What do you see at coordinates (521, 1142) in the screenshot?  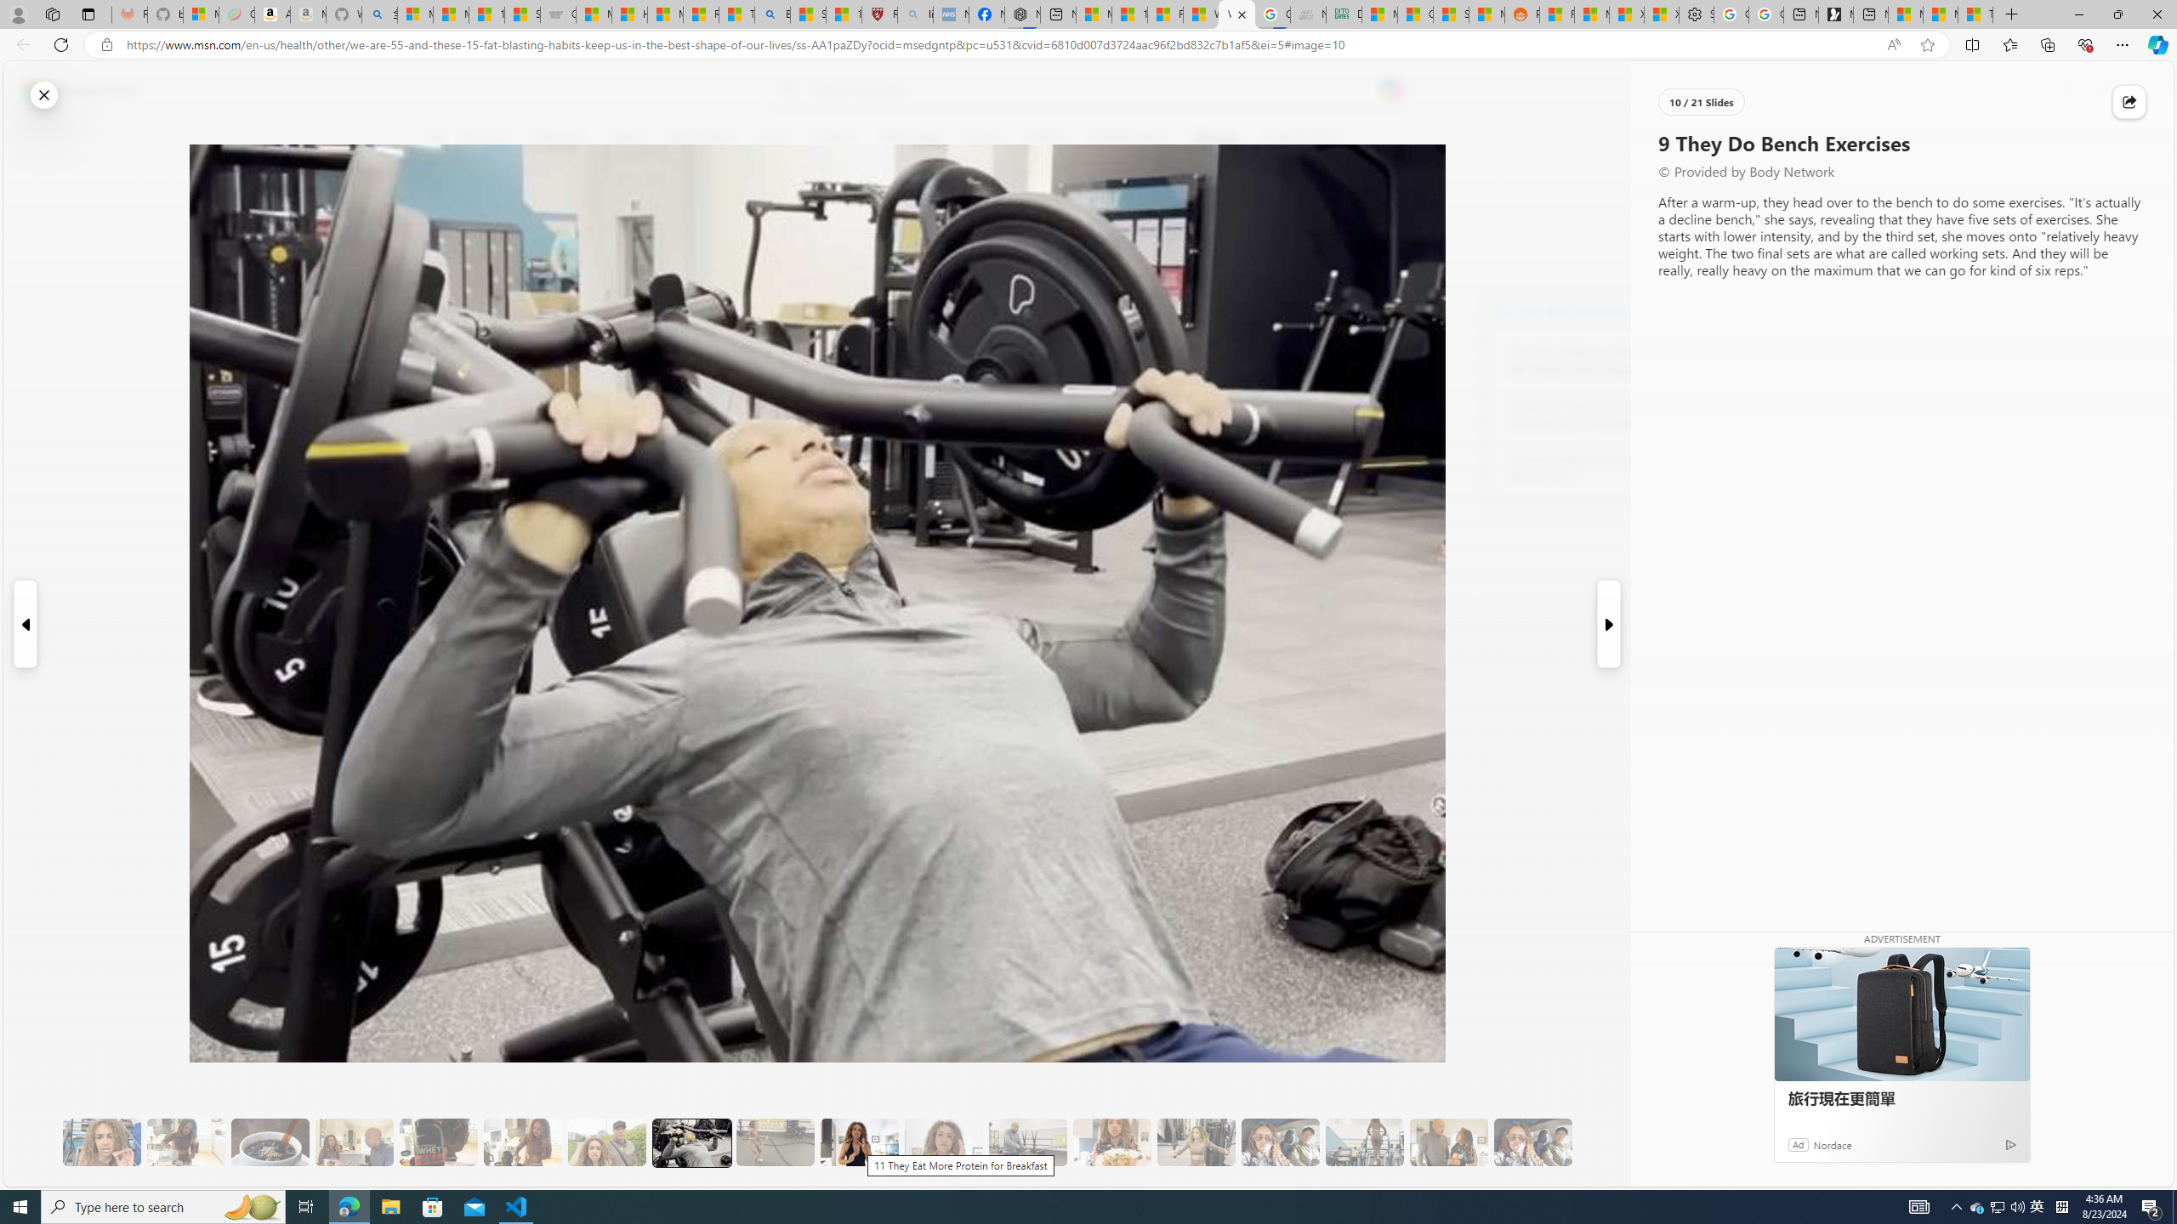 I see `'7 They Don'` at bounding box center [521, 1142].